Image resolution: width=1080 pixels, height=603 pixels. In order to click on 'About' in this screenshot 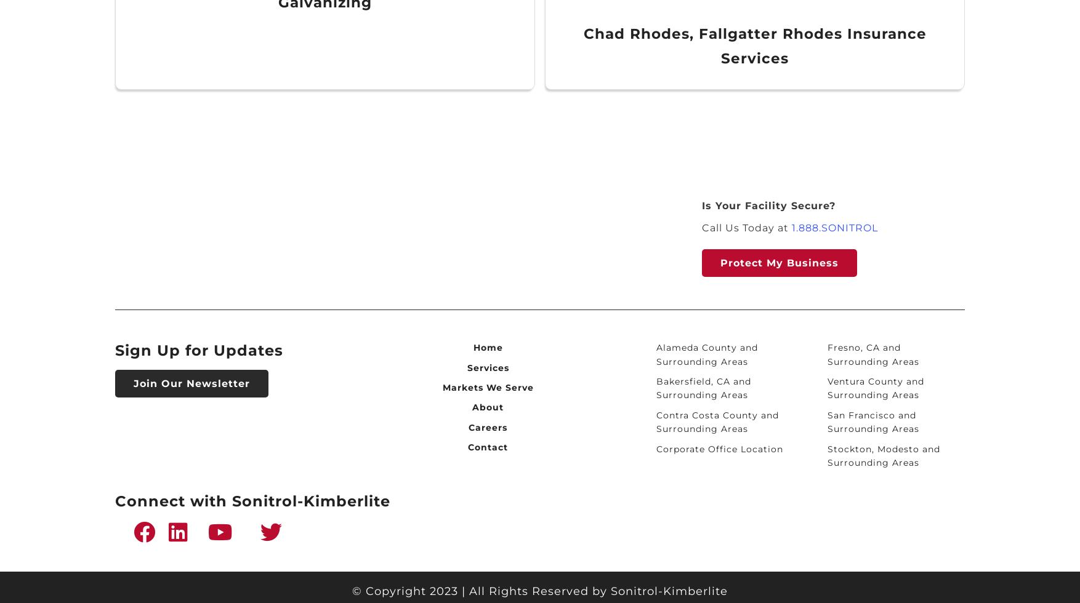, I will do `click(487, 407)`.